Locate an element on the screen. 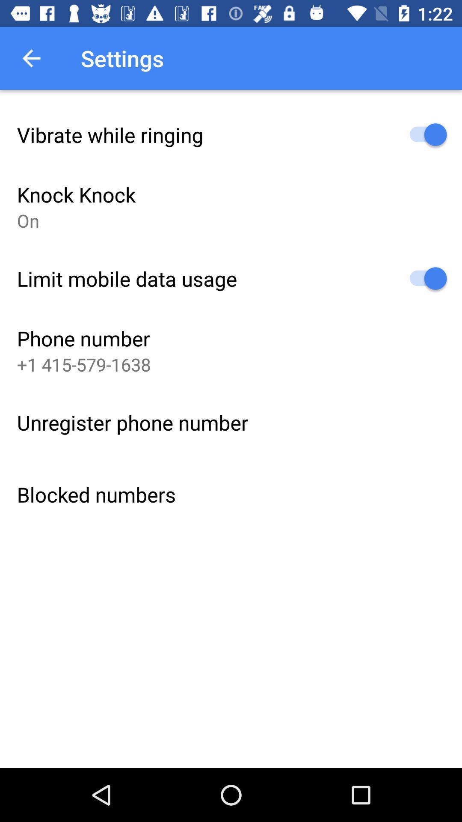 Image resolution: width=462 pixels, height=822 pixels. item below phone number is located at coordinates (84, 364).